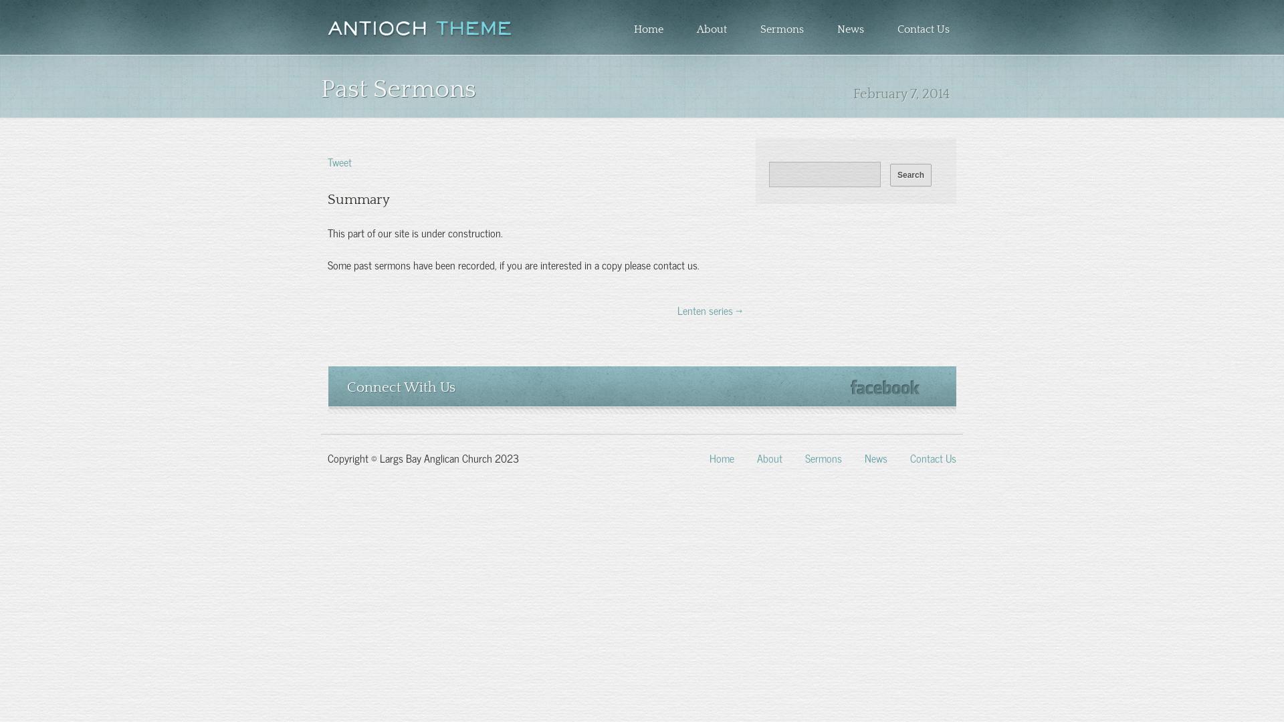 The width and height of the screenshot is (1284, 722). What do you see at coordinates (923, 29) in the screenshot?
I see `'Contact Us'` at bounding box center [923, 29].